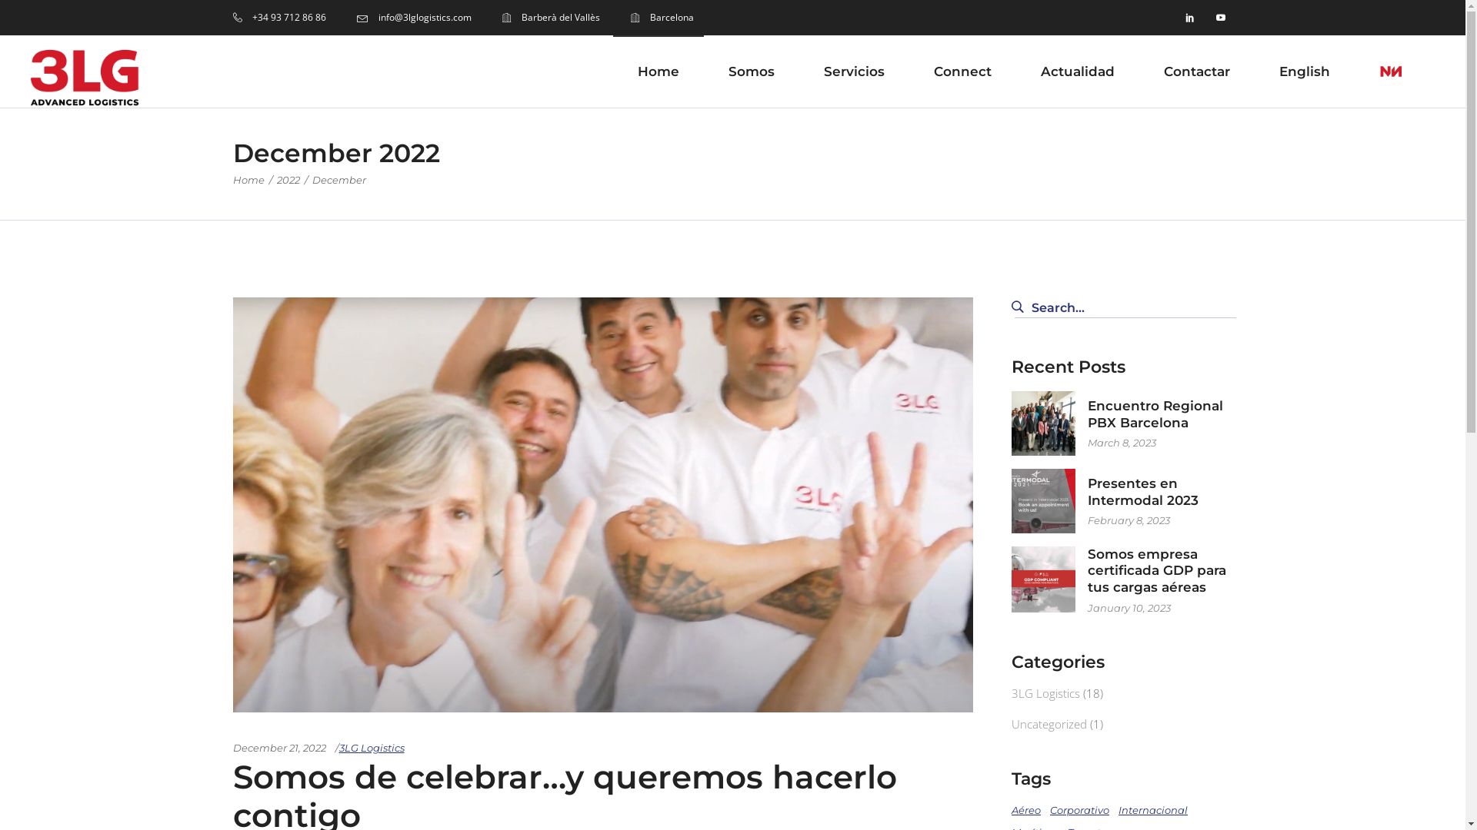 The image size is (1477, 830). Describe the element at coordinates (1125, 308) in the screenshot. I see `'Search for:'` at that location.